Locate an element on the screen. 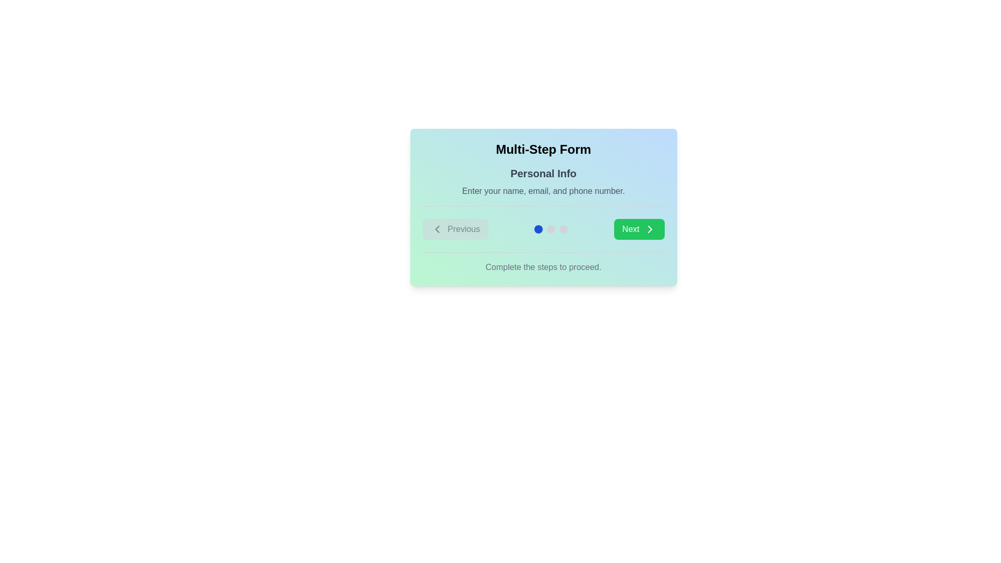 The width and height of the screenshot is (1001, 563). displayed text 'Complete the steps to proceed.' from the static text element, which is centrally aligned in a gray-colored font beneath the navigation panel is located at coordinates (543, 267).